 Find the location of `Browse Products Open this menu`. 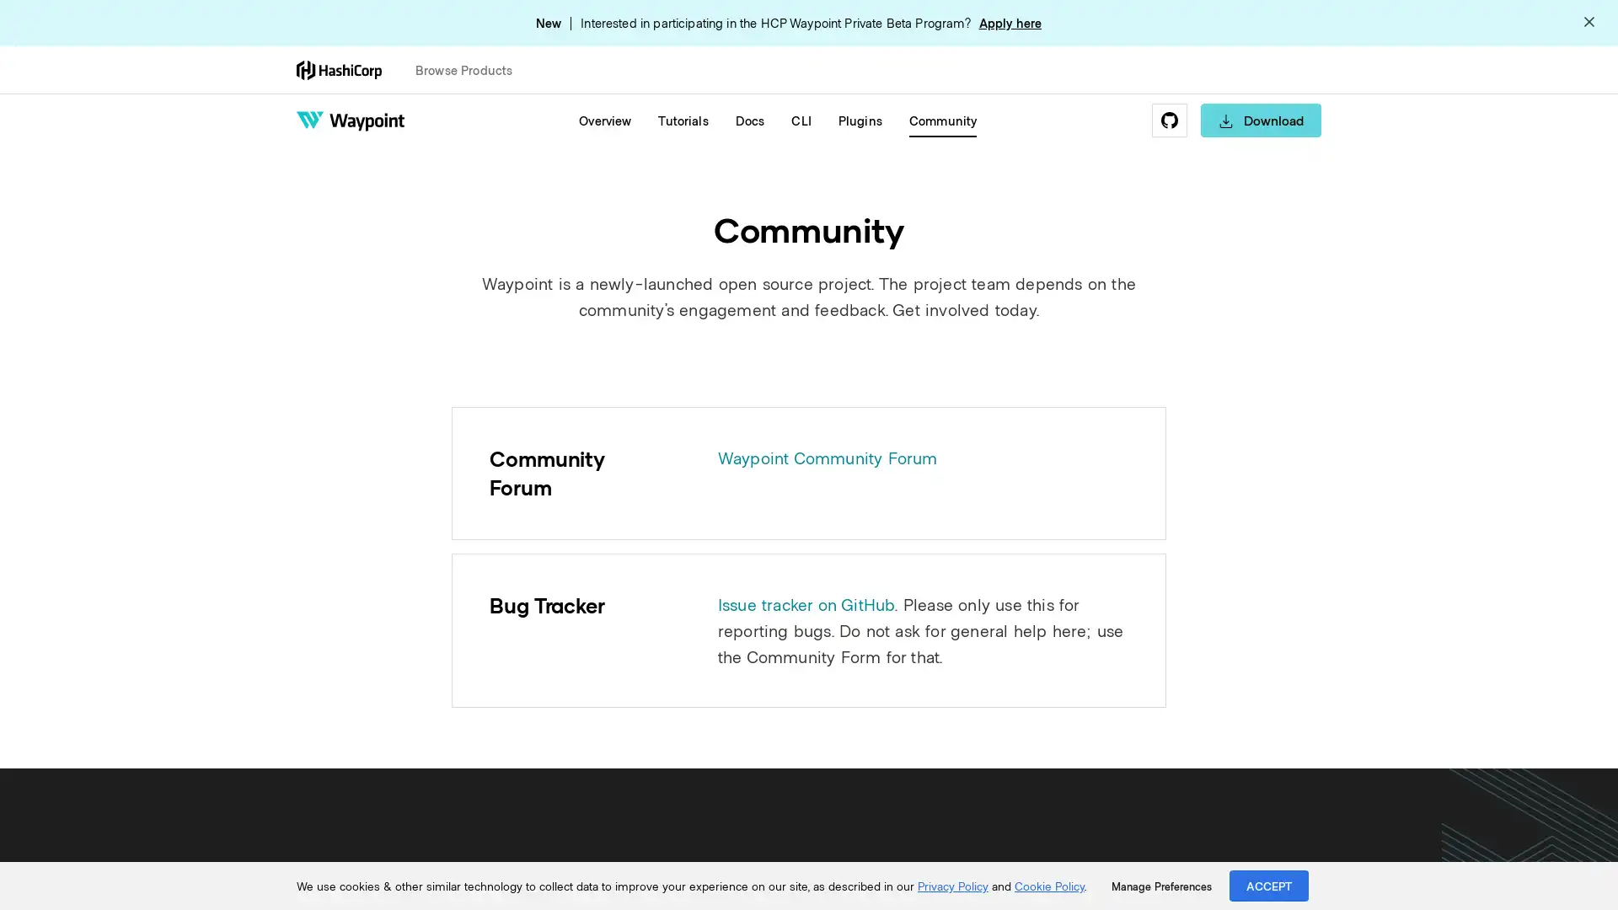

Browse Products Open this menu is located at coordinates (471, 69).